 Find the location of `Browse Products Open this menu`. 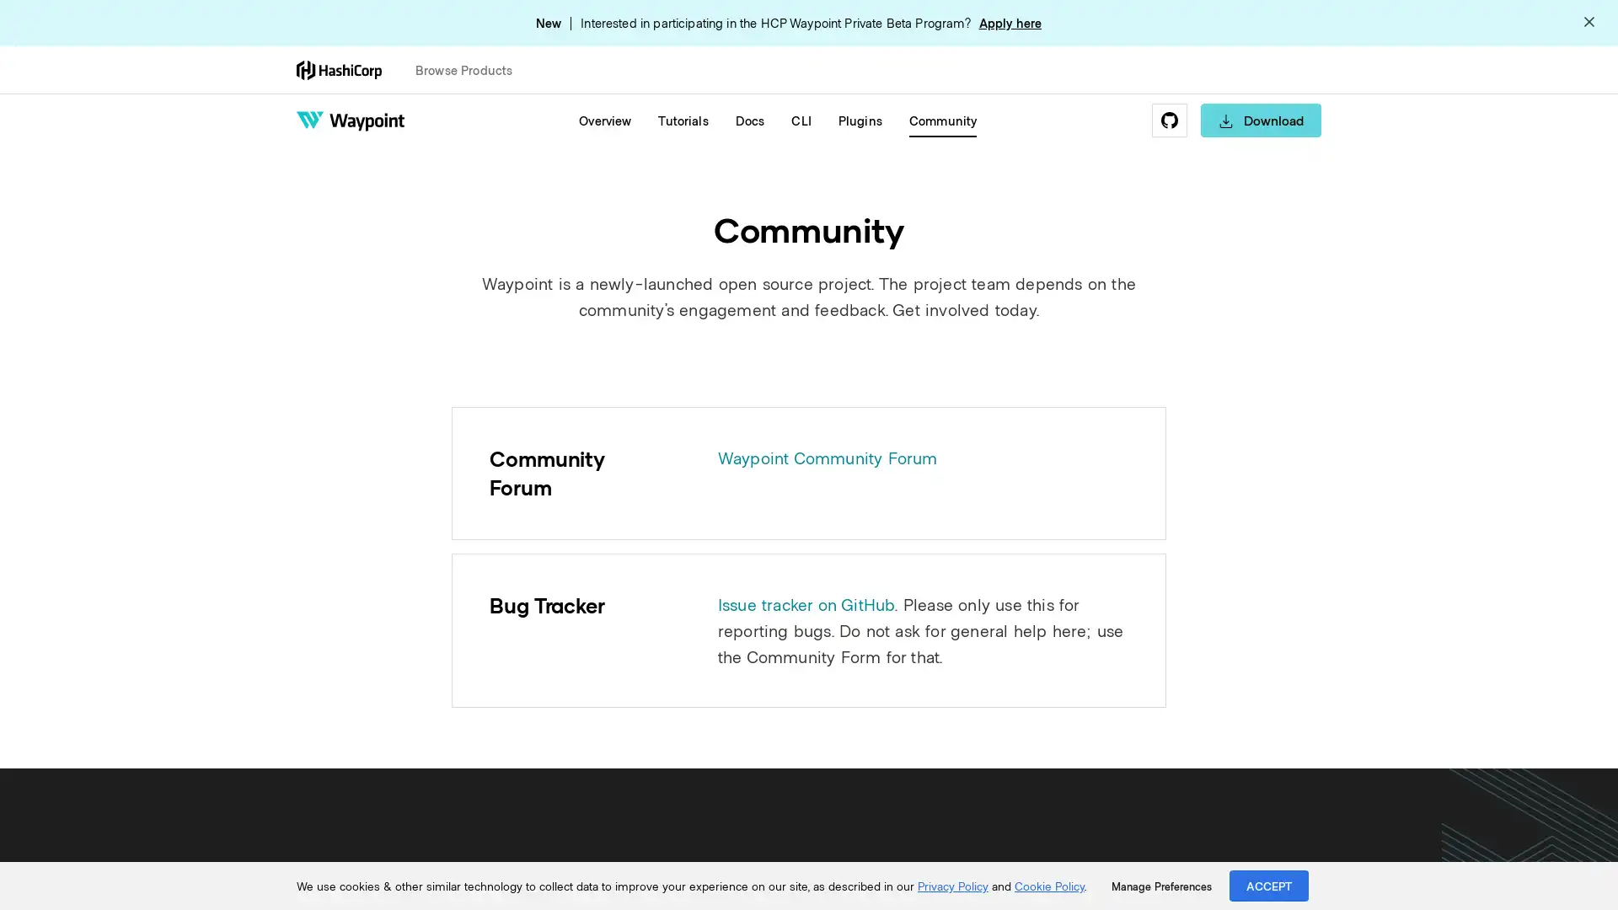

Browse Products Open this menu is located at coordinates (471, 69).